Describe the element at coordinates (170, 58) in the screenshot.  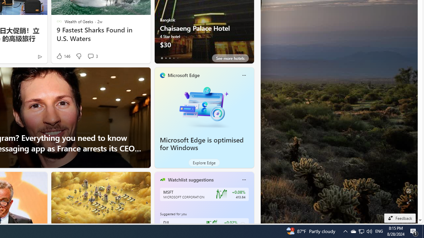
I see `'tab-2'` at that location.